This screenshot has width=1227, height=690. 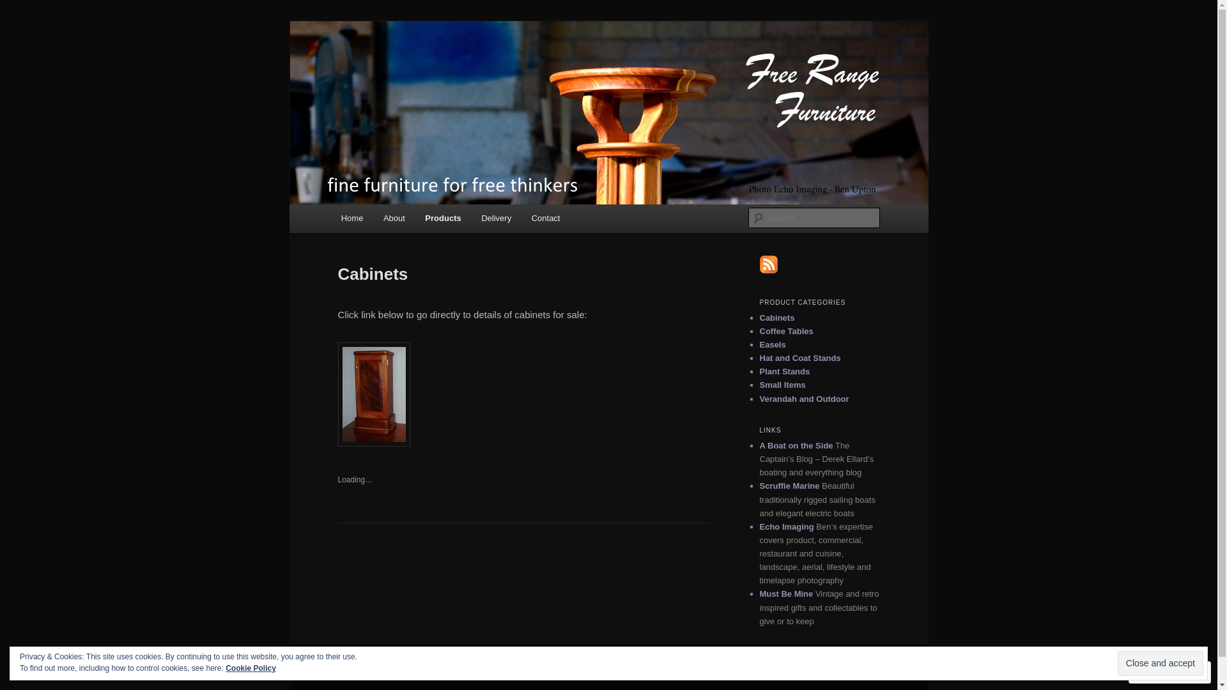 What do you see at coordinates (785, 330) in the screenshot?
I see `'Coffee Tables'` at bounding box center [785, 330].